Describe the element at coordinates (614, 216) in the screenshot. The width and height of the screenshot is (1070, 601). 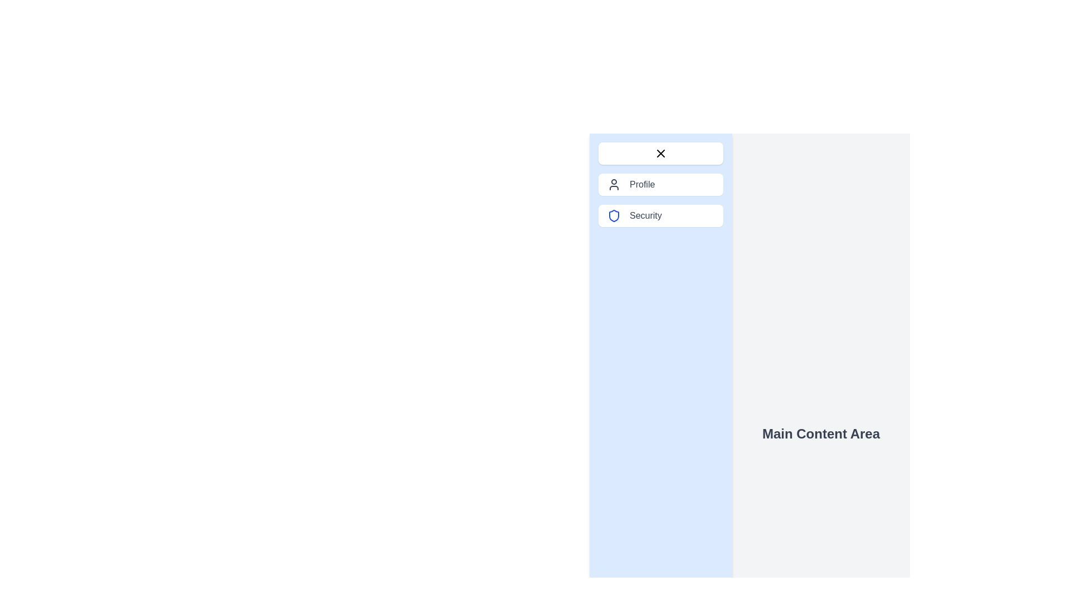
I see `the security icon located in the third row of the vertical list in the sidebar menu, adjacent to the 'Security' label` at that location.